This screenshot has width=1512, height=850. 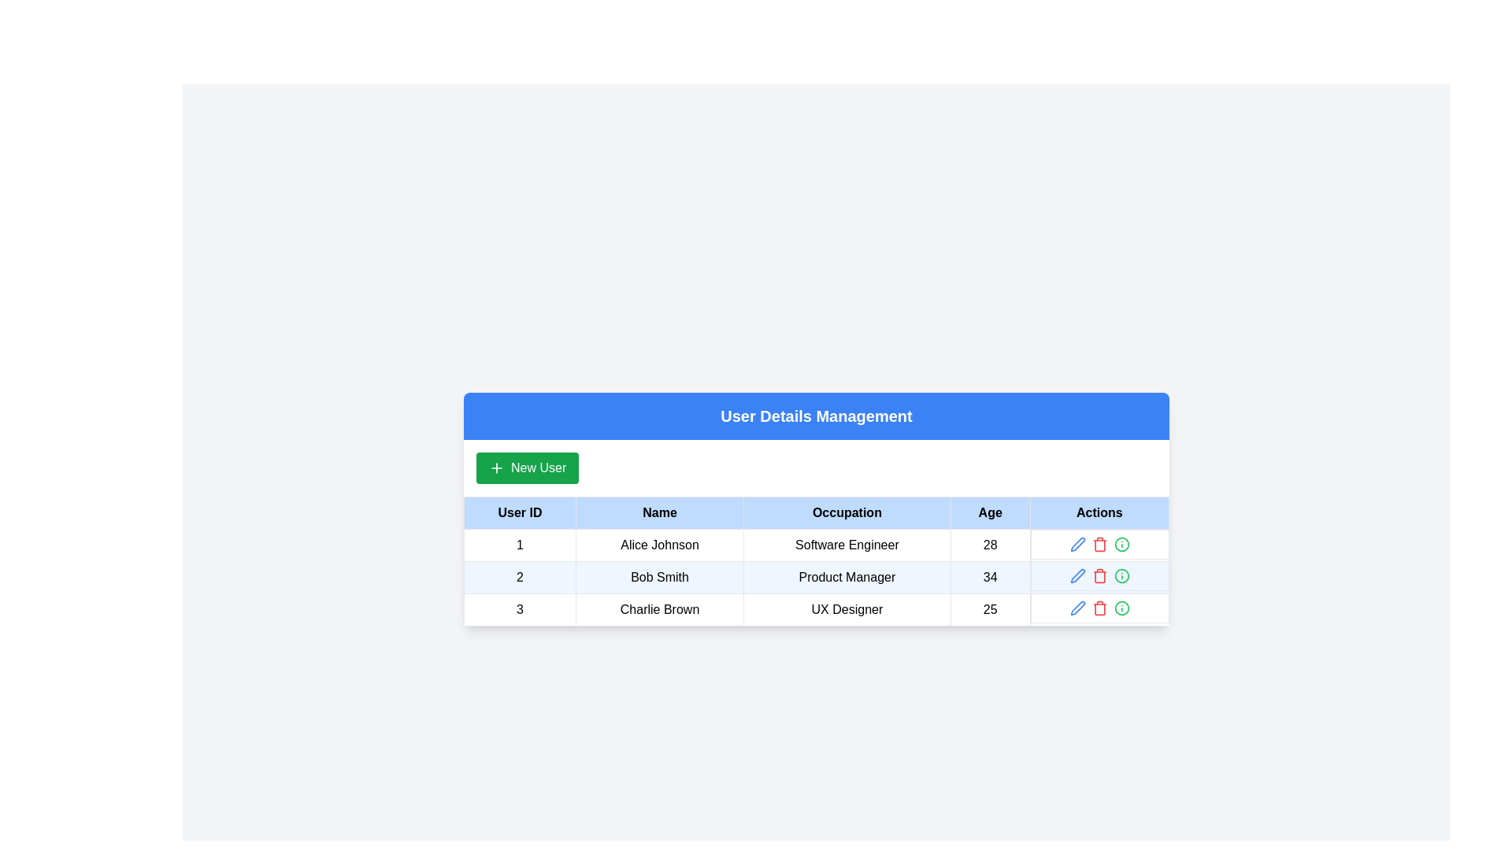 What do you see at coordinates (520, 608) in the screenshot?
I see `the Text Label containing the numeric value '3' in bold text, located in the 'User ID' column of the table for user 'Charlie Brown.'` at bounding box center [520, 608].